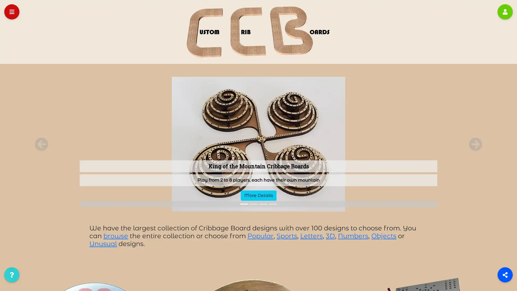  What do you see at coordinates (41, 144) in the screenshot?
I see `Previous` at bounding box center [41, 144].